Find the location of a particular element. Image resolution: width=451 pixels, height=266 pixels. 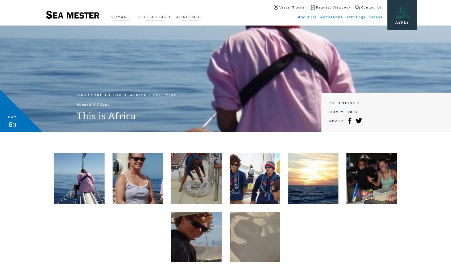

'Day' is located at coordinates (12, 117).